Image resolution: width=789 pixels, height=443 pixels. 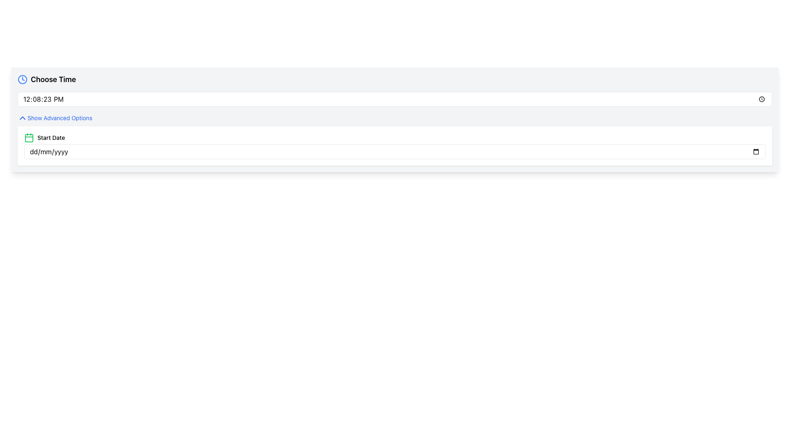 I want to click on the upward-pointing chevron icon located to the left of 'Show Advanced Options', so click(x=22, y=118).